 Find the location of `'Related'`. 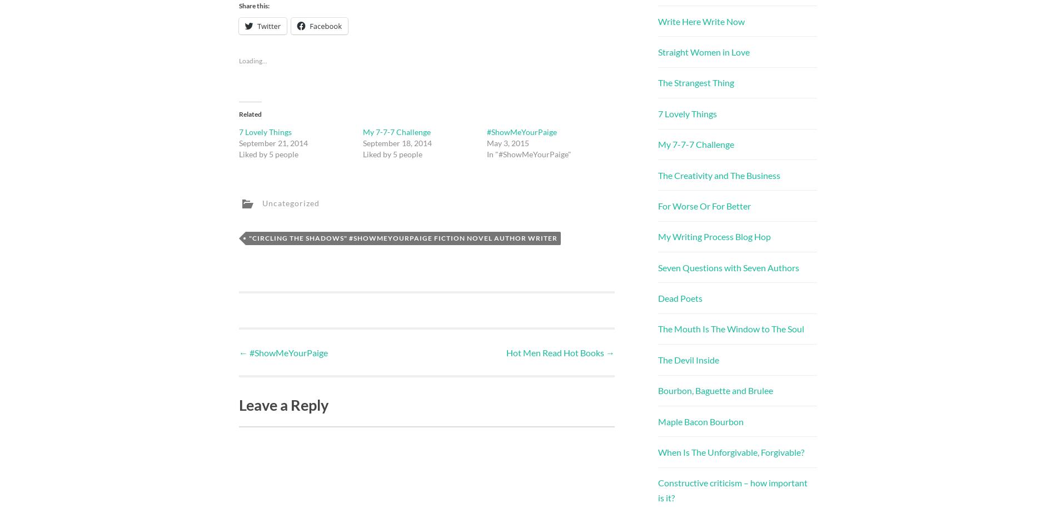

'Related' is located at coordinates (238, 113).